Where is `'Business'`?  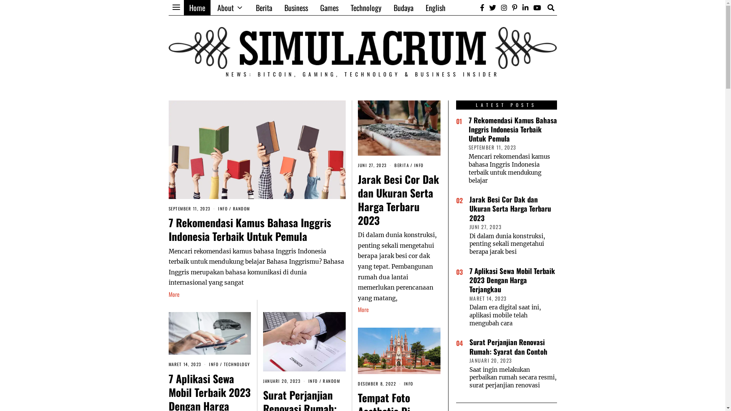 'Business' is located at coordinates (278, 7).